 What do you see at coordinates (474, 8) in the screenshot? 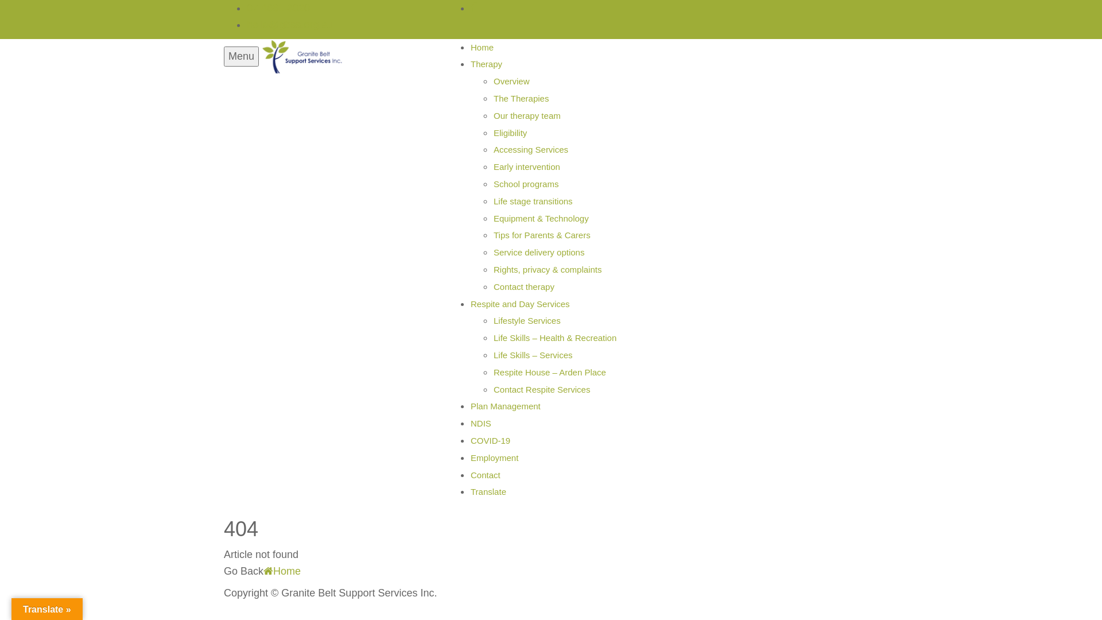
I see `'Facebook'` at bounding box center [474, 8].